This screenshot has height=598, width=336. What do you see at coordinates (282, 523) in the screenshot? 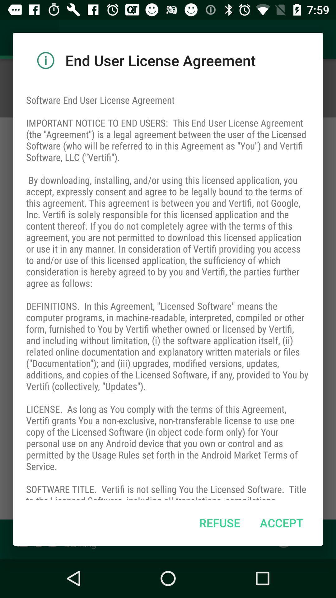
I see `the item to the right of the refuse item` at bounding box center [282, 523].